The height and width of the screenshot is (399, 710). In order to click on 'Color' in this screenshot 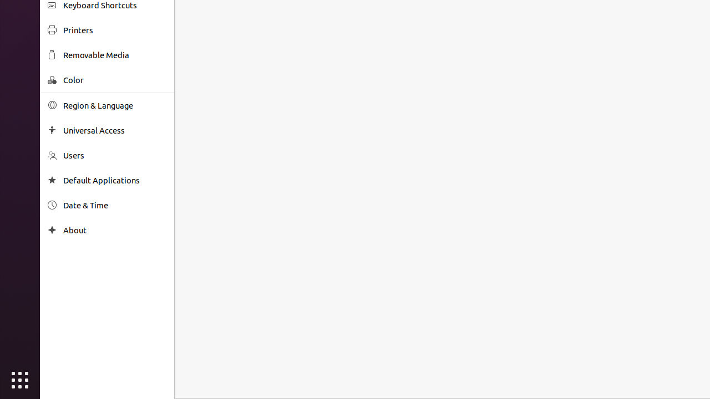, I will do `click(114, 79)`.